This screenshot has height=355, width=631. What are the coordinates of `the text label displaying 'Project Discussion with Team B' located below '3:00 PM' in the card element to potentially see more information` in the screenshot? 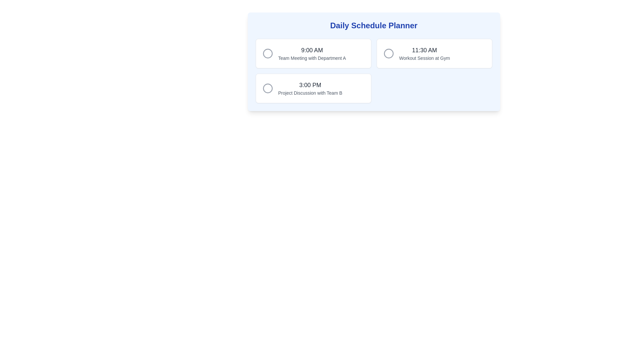 It's located at (310, 93).